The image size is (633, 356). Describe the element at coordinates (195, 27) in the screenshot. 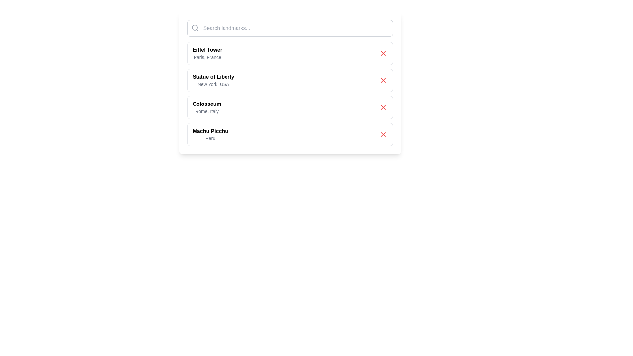

I see `the Decorative Icon that visually indicates the purpose of the adjacent text input field for search functionality, located to the immediate left of the input field with the placeholder 'Search landmarks...'` at that location.